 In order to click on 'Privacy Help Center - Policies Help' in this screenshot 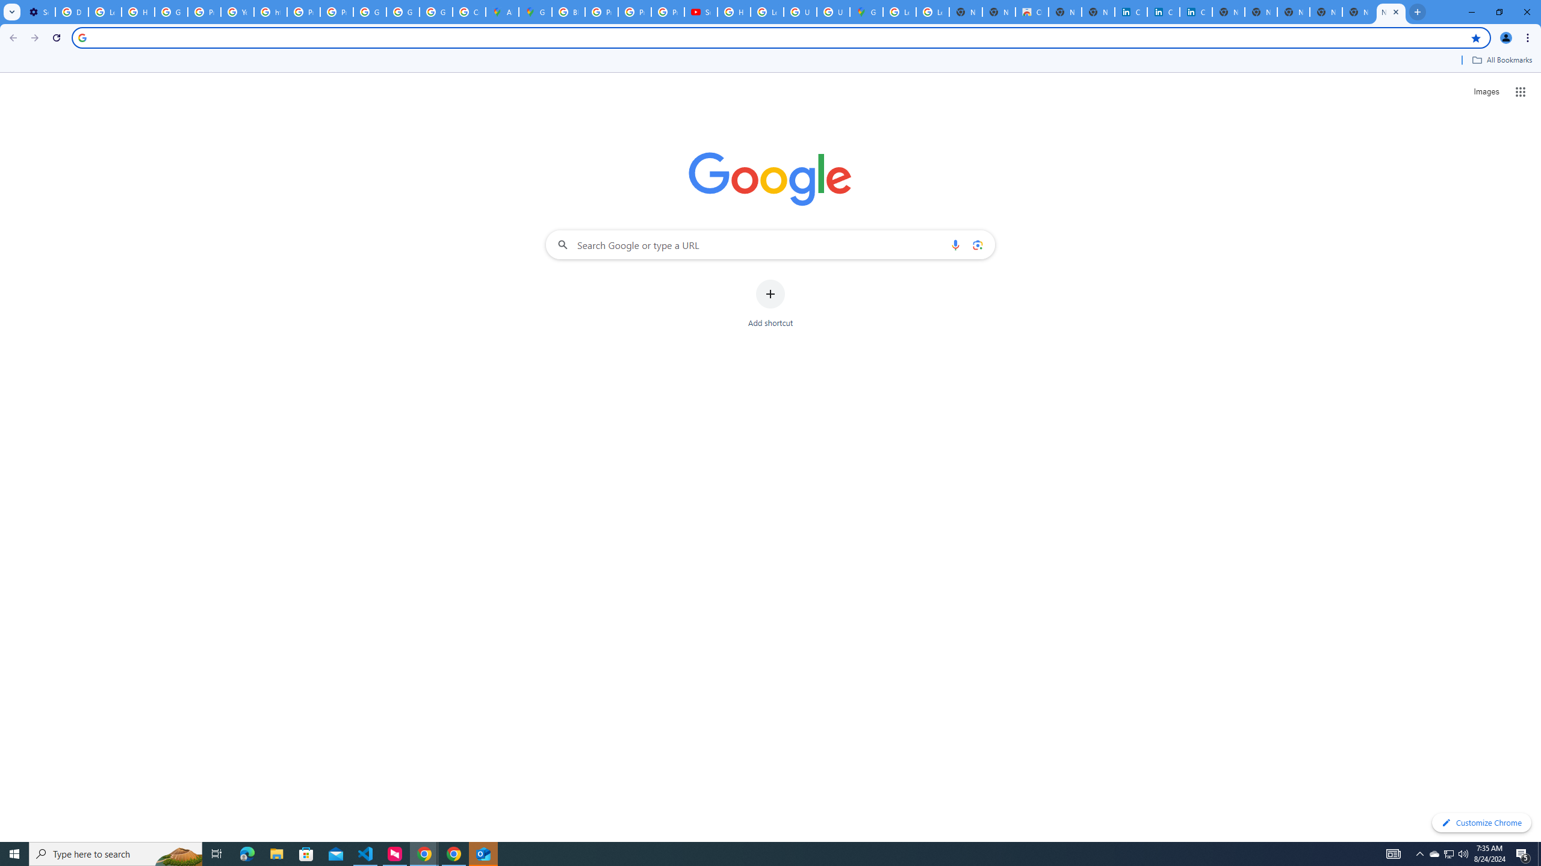, I will do `click(601, 11)`.